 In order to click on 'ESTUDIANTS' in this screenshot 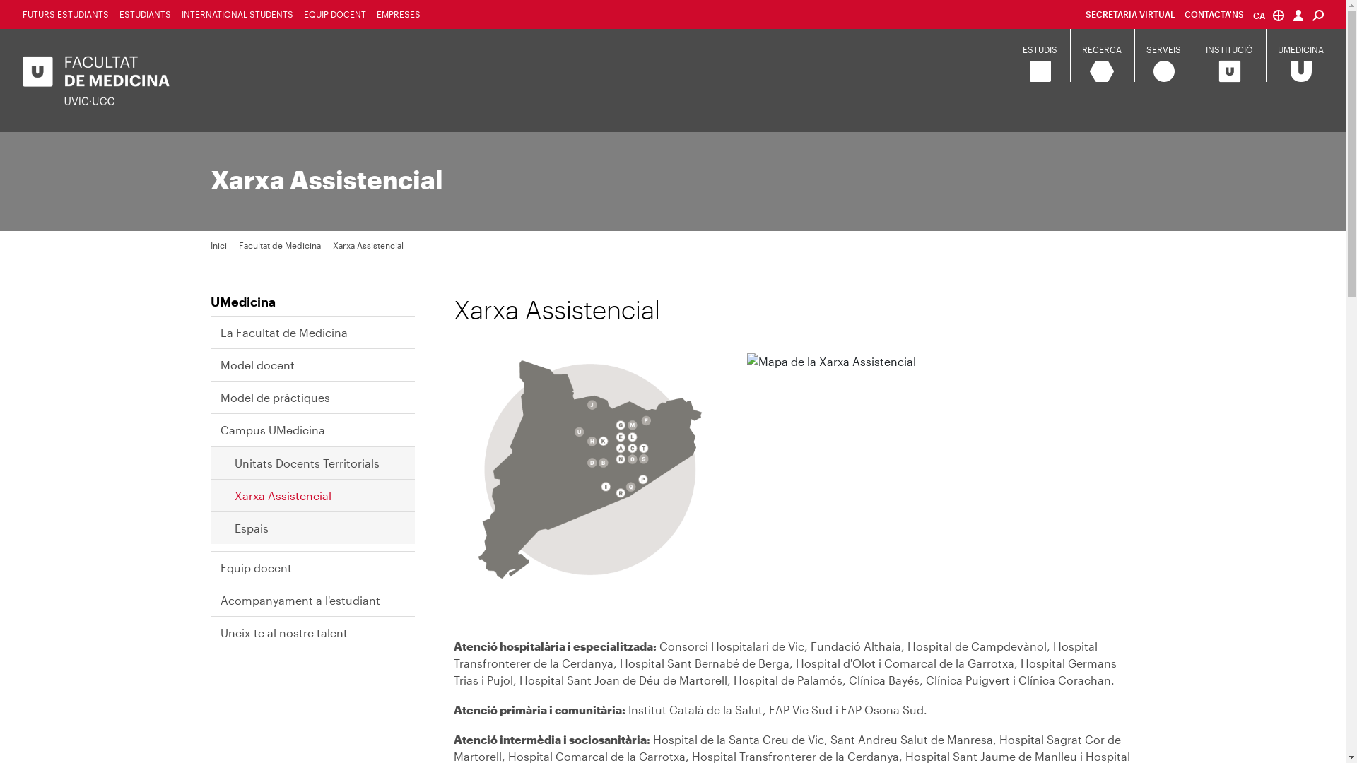, I will do `click(145, 13)`.